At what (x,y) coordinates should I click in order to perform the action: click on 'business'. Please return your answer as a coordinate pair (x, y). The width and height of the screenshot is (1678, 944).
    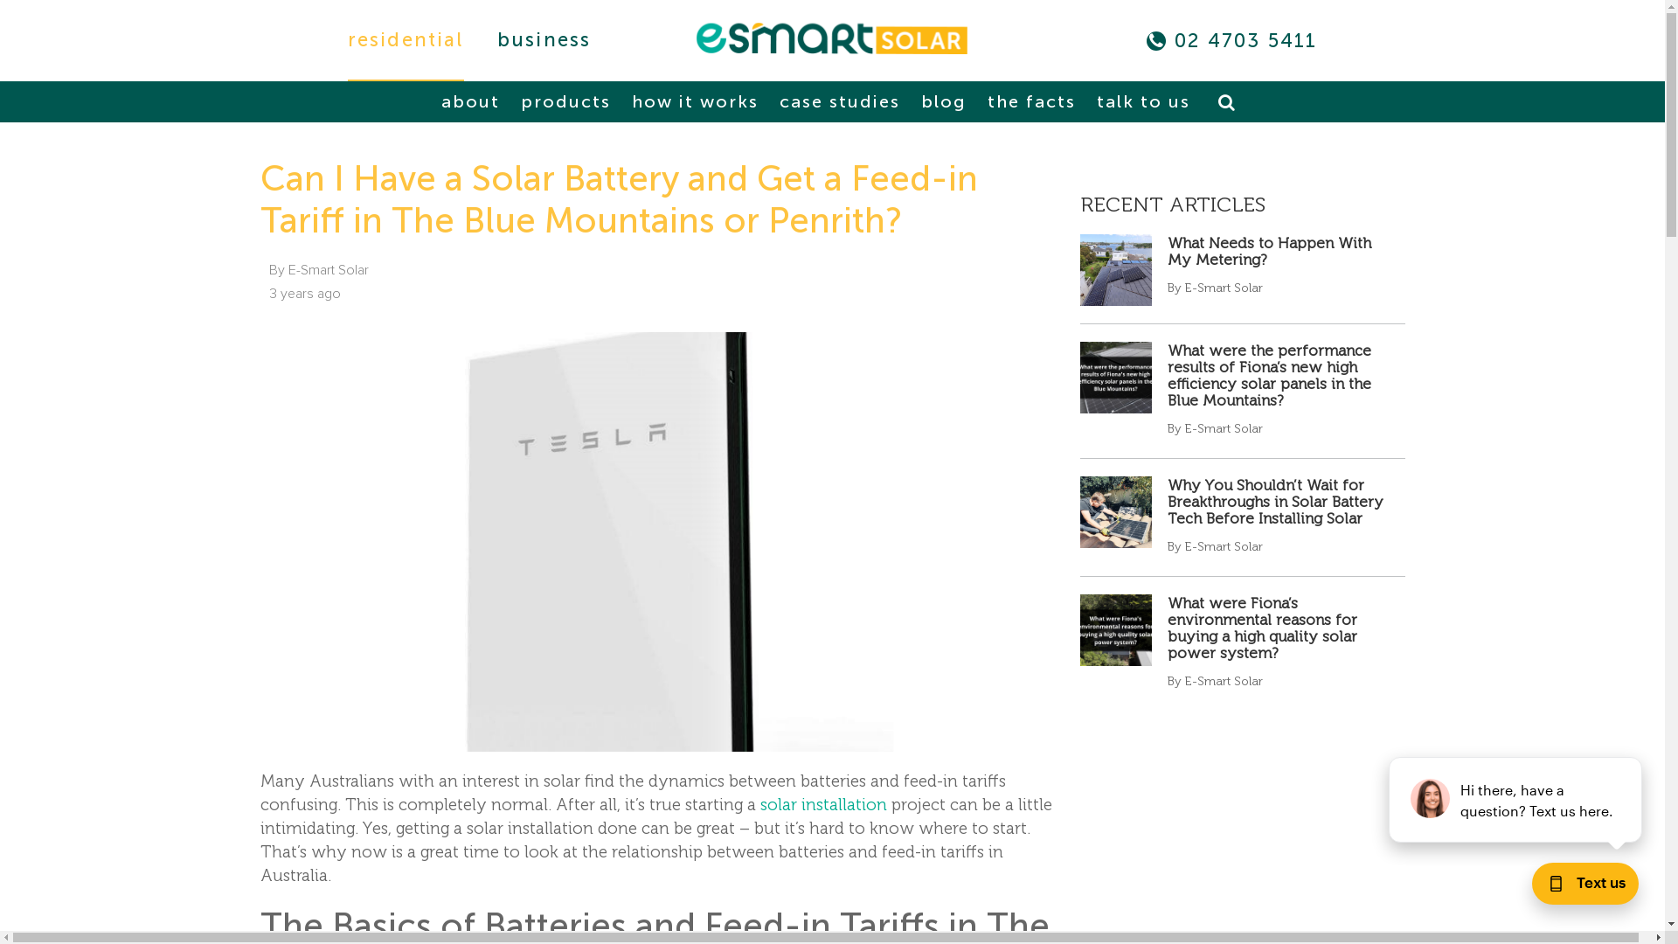
    Looking at the image, I should click on (544, 39).